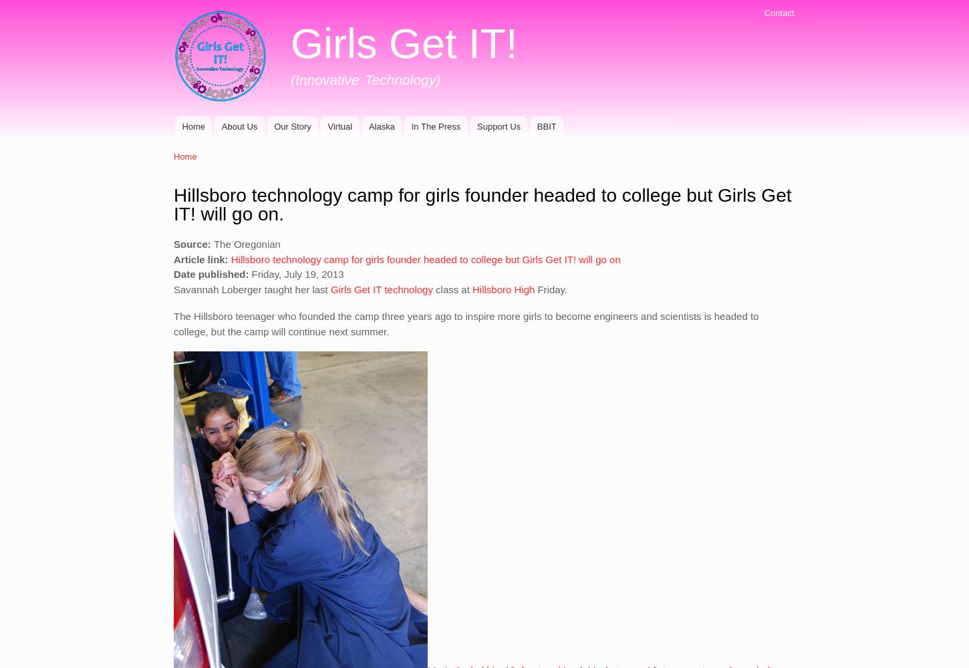 Image resolution: width=969 pixels, height=668 pixels. Describe the element at coordinates (212, 274) in the screenshot. I see `'Date published:'` at that location.